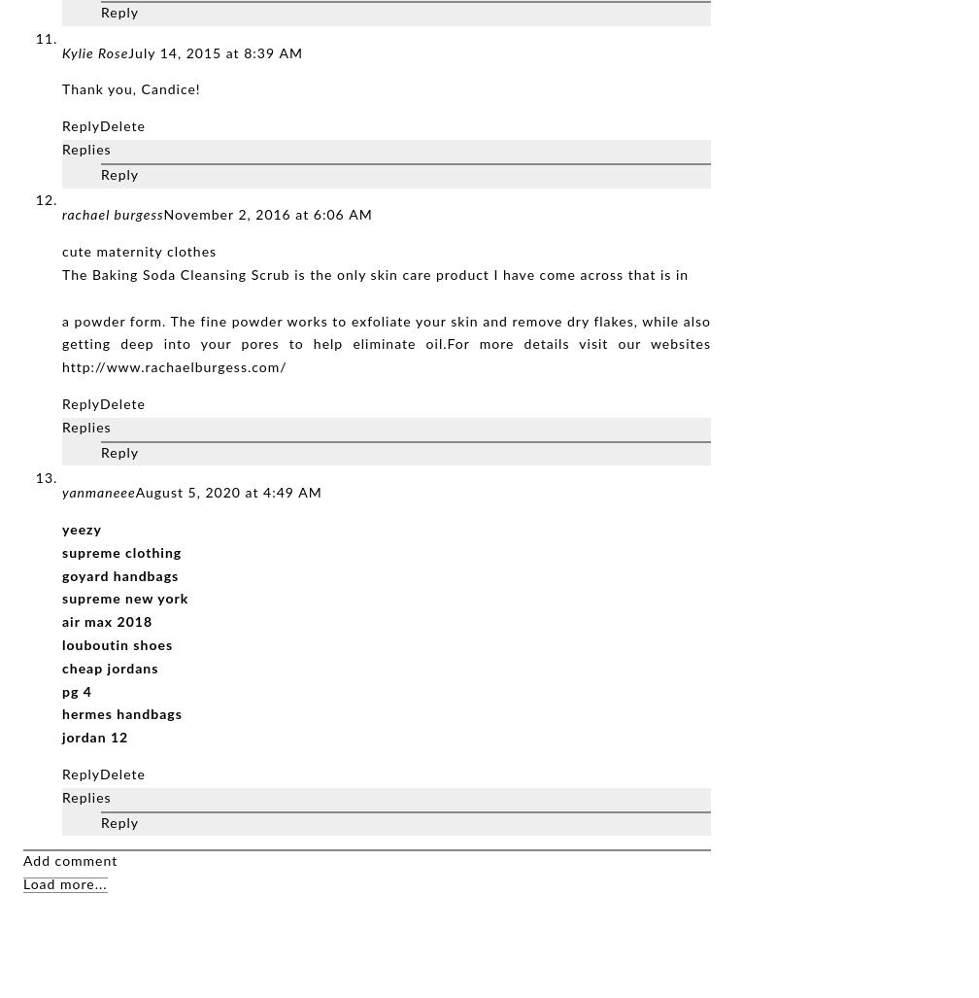 The height and width of the screenshot is (998, 979). What do you see at coordinates (94, 53) in the screenshot?
I see `'Kylie Rose'` at bounding box center [94, 53].